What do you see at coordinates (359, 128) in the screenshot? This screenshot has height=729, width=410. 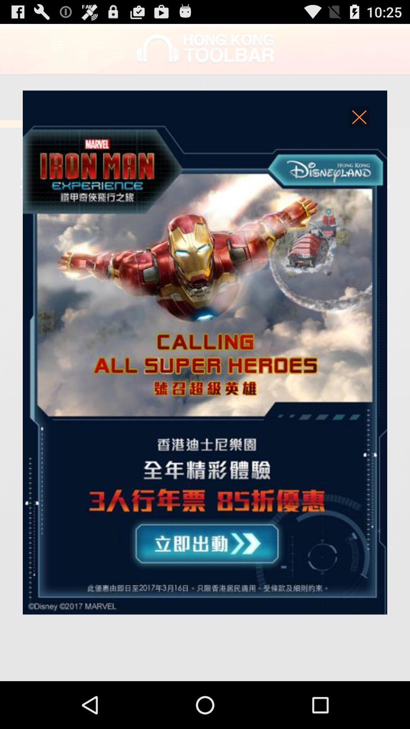 I see `the close icon` at bounding box center [359, 128].